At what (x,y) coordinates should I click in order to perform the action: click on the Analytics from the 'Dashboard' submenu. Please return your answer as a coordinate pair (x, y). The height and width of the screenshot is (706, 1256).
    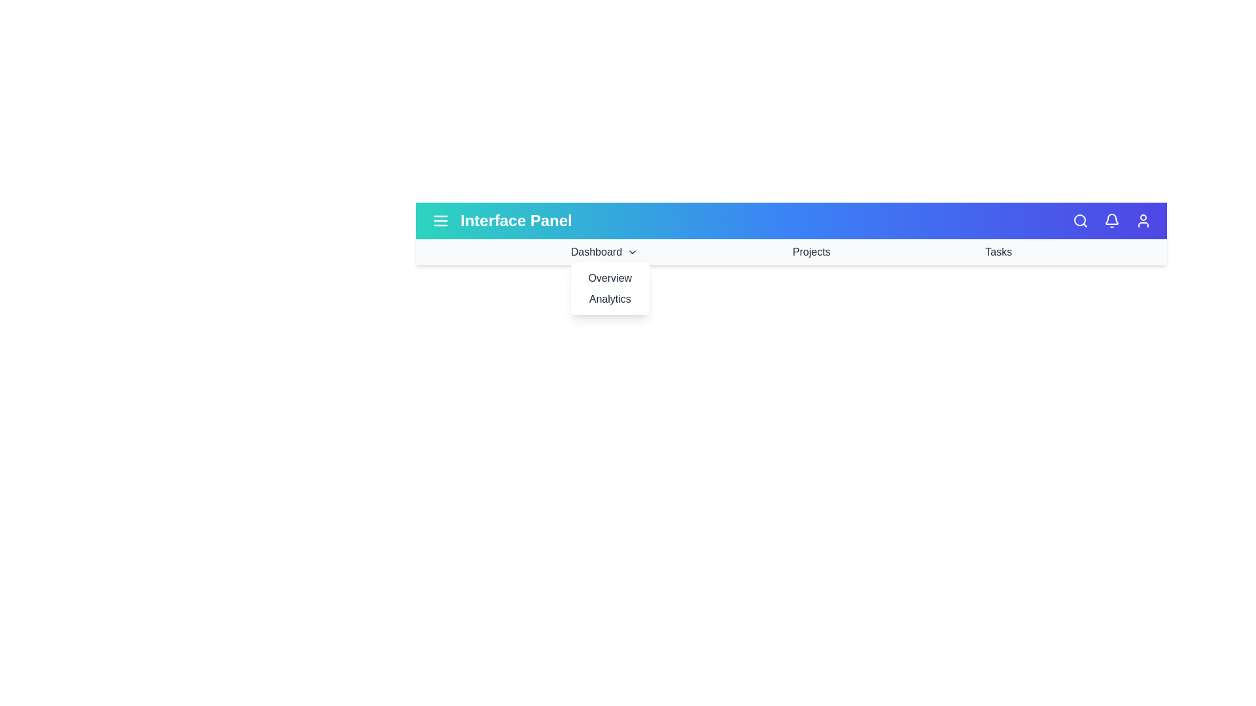
    Looking at the image, I should click on (609, 299).